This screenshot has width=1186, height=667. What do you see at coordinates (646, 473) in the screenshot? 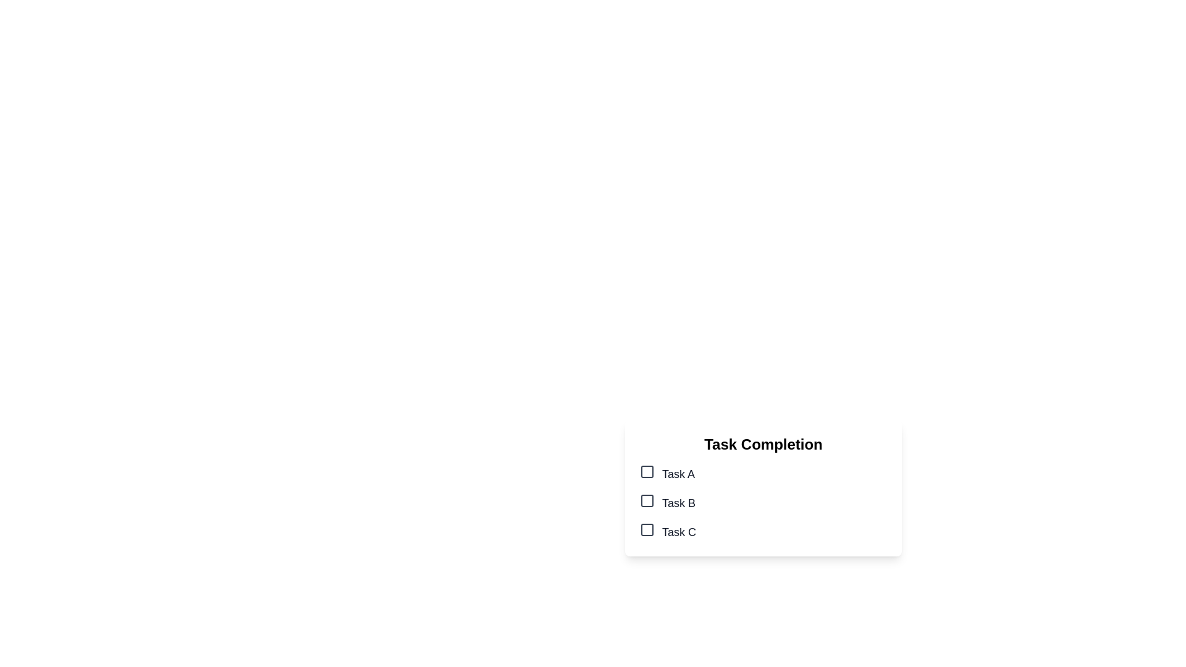
I see `the checkbox for 'Task A'` at bounding box center [646, 473].